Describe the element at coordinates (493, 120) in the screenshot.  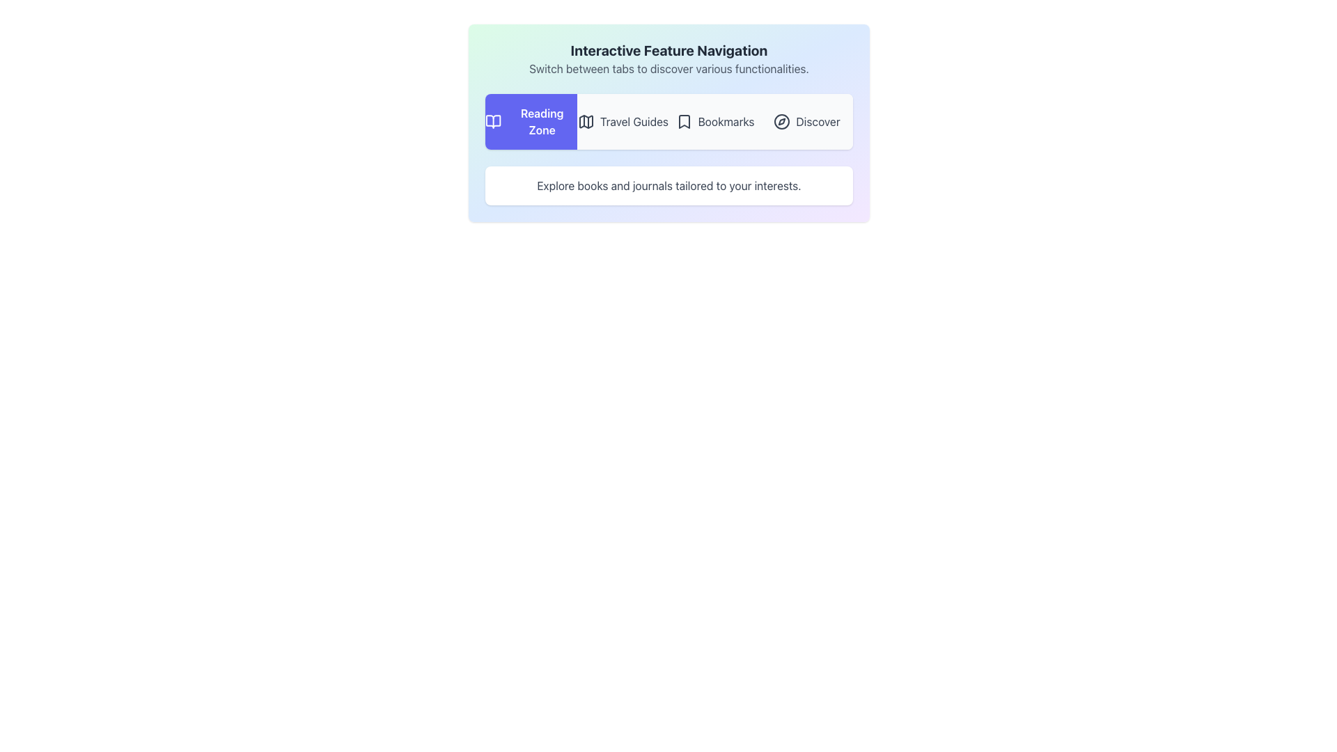
I see `the book icon with a blue background located in the 'Reading Zone' navigation options` at that location.